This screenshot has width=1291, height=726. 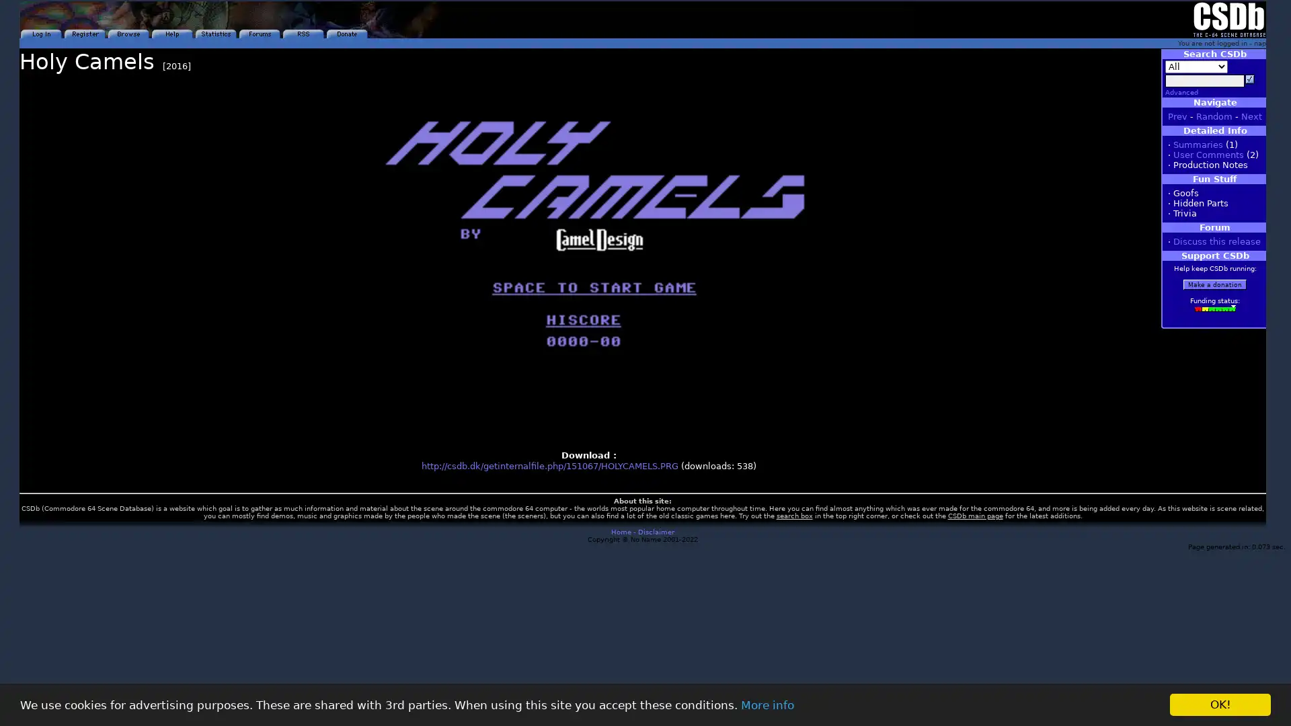 What do you see at coordinates (1249, 79) in the screenshot?
I see `Go` at bounding box center [1249, 79].